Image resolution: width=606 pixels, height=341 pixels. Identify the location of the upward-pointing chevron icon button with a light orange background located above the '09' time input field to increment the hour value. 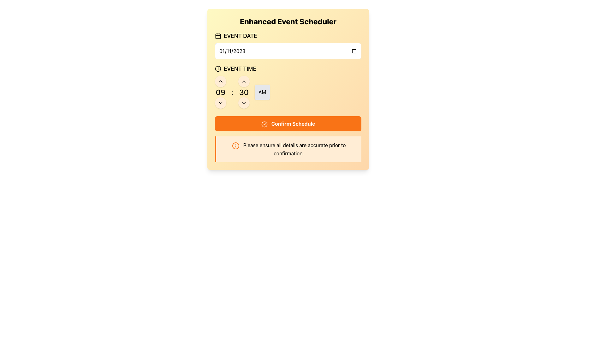
(221, 81).